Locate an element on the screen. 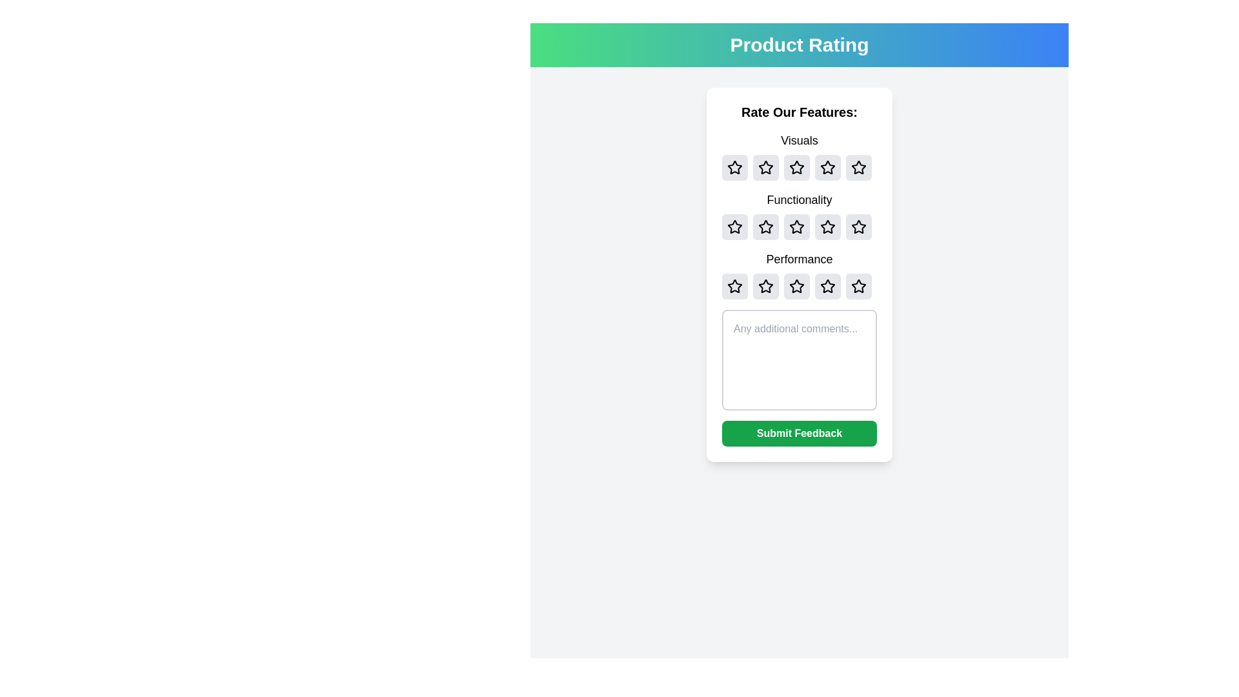 The width and height of the screenshot is (1239, 697). the third star icon in the 'Rate Our Features' panel to rate the 'Functionality' category is located at coordinates (795, 226).